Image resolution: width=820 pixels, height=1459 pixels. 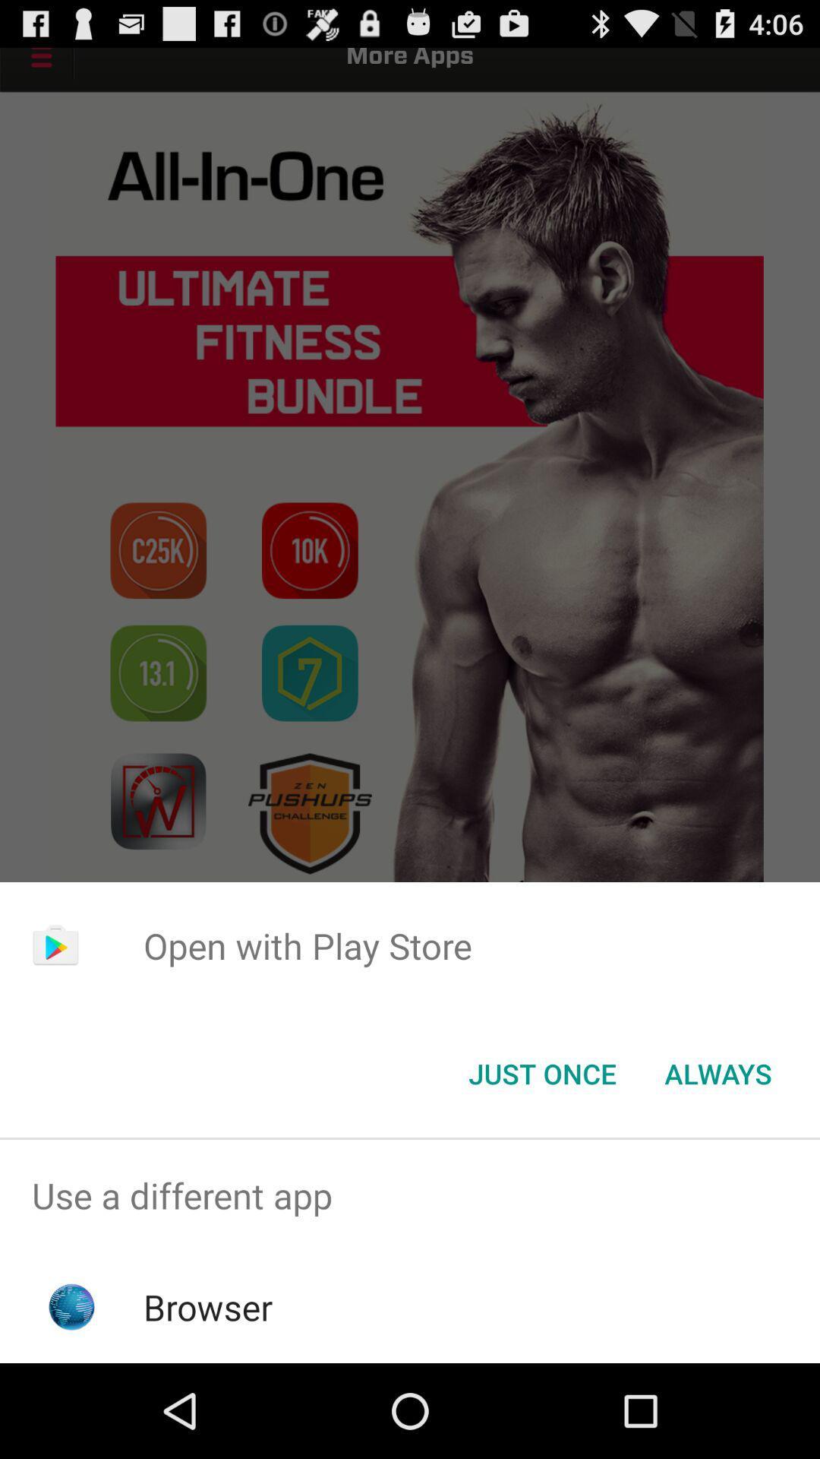 I want to click on the app above browser app, so click(x=410, y=1195).